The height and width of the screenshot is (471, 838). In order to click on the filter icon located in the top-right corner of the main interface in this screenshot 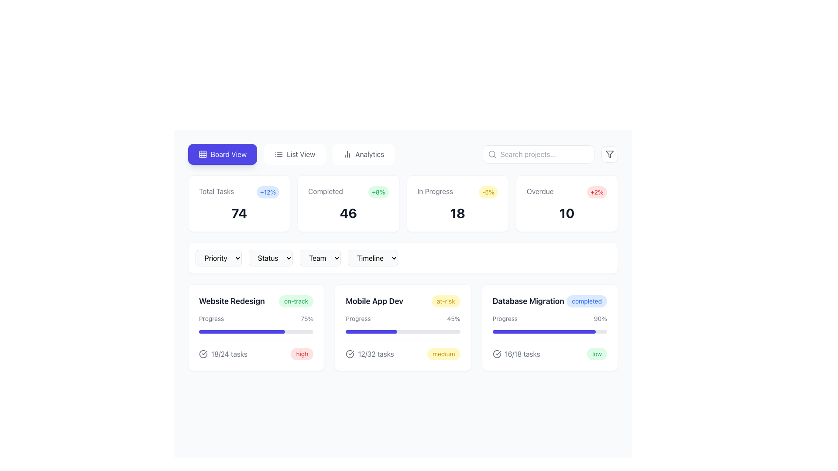, I will do `click(609, 154)`.